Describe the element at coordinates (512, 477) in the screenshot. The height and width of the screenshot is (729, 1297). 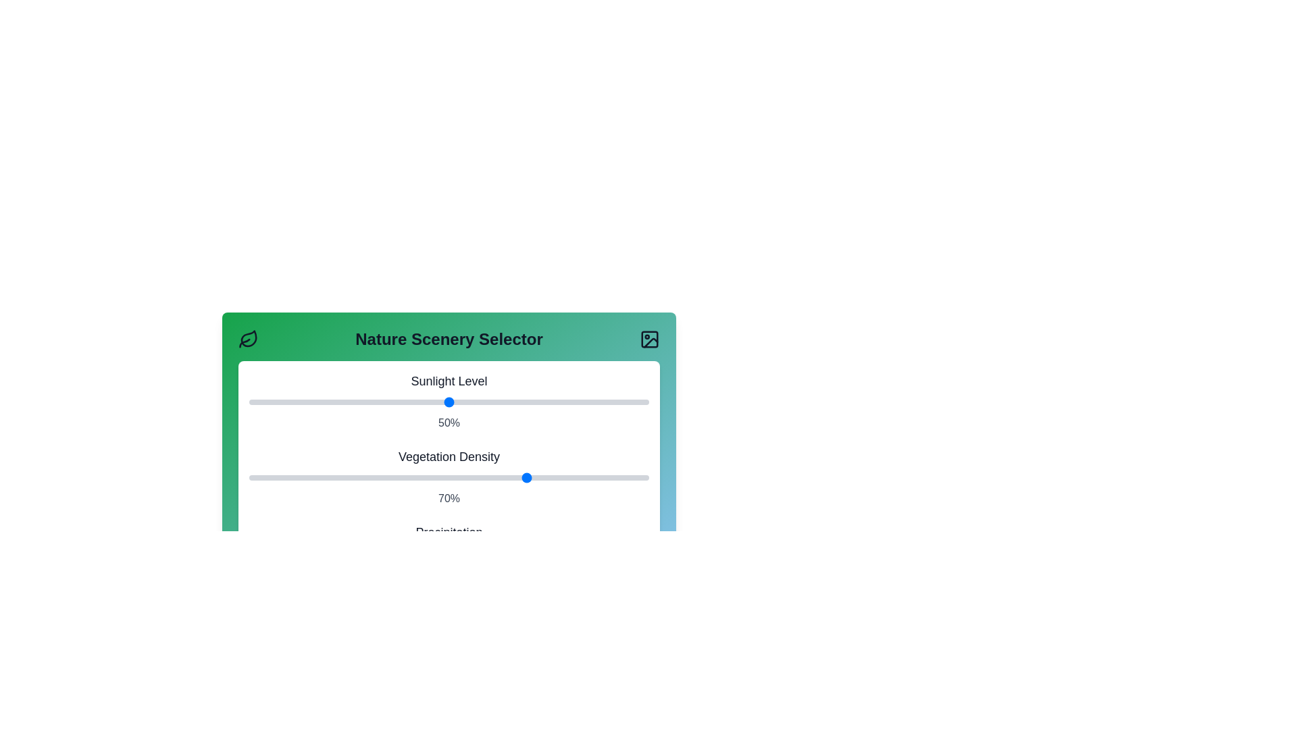
I see `the Vegetation Density slider to set its value to 66` at that location.